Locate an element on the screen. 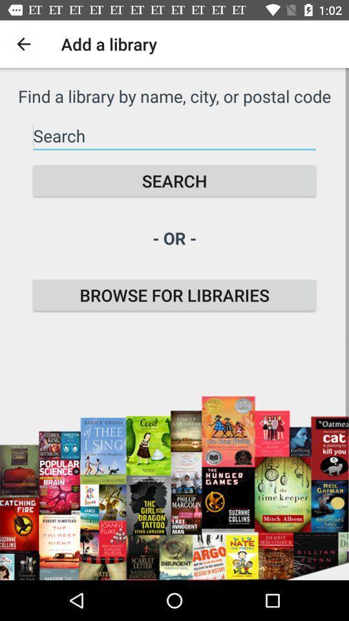 The height and width of the screenshot is (621, 349). the icon above search item is located at coordinates (174, 136).